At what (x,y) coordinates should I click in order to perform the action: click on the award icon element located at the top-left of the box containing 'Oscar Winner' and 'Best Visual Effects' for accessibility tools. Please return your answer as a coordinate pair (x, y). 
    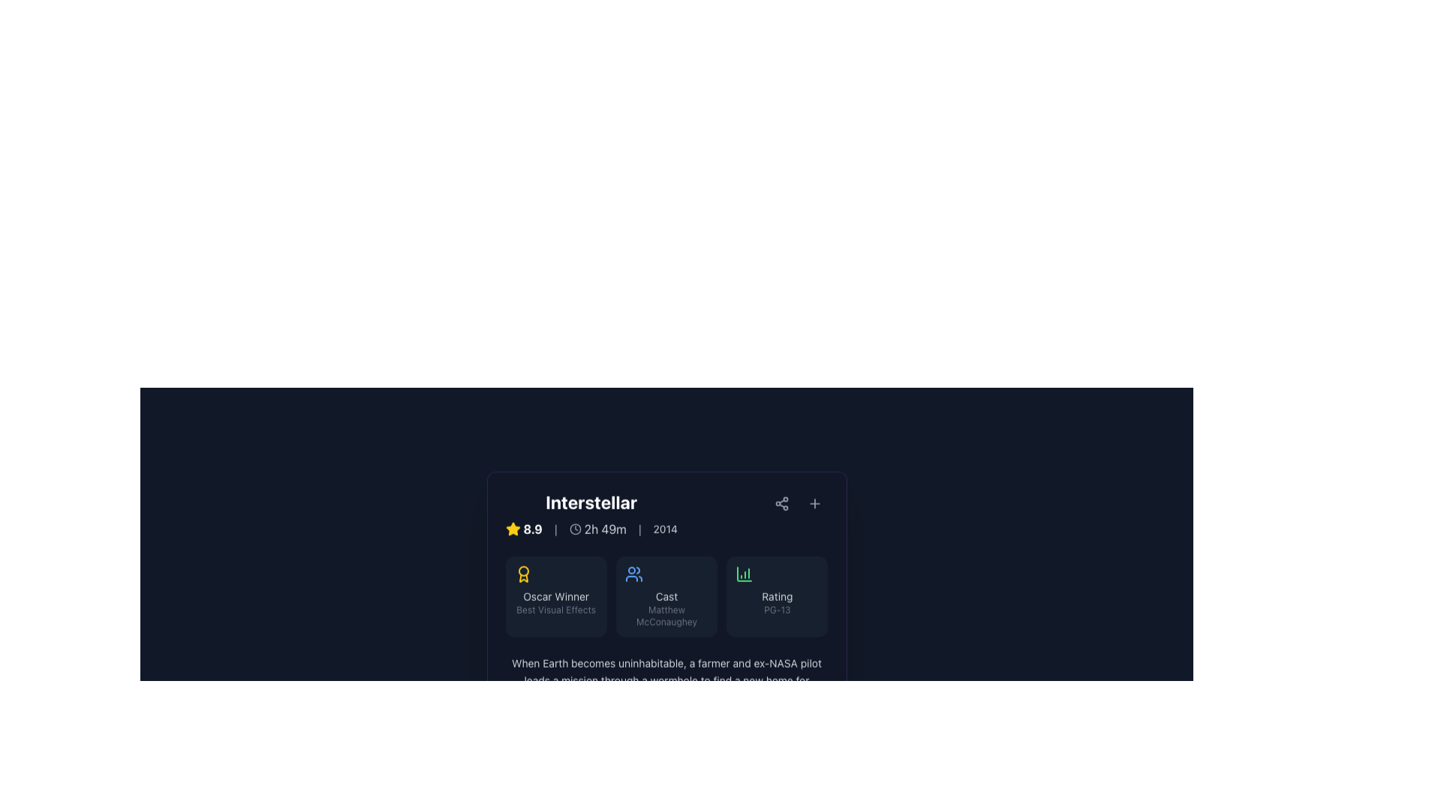
    Looking at the image, I should click on (523, 574).